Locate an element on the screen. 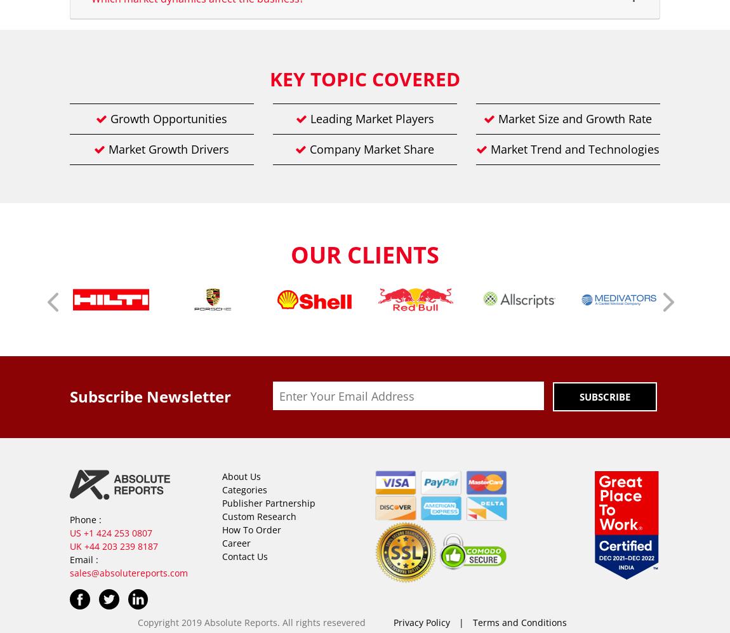  'Privacy Policy' is located at coordinates (392, 622).